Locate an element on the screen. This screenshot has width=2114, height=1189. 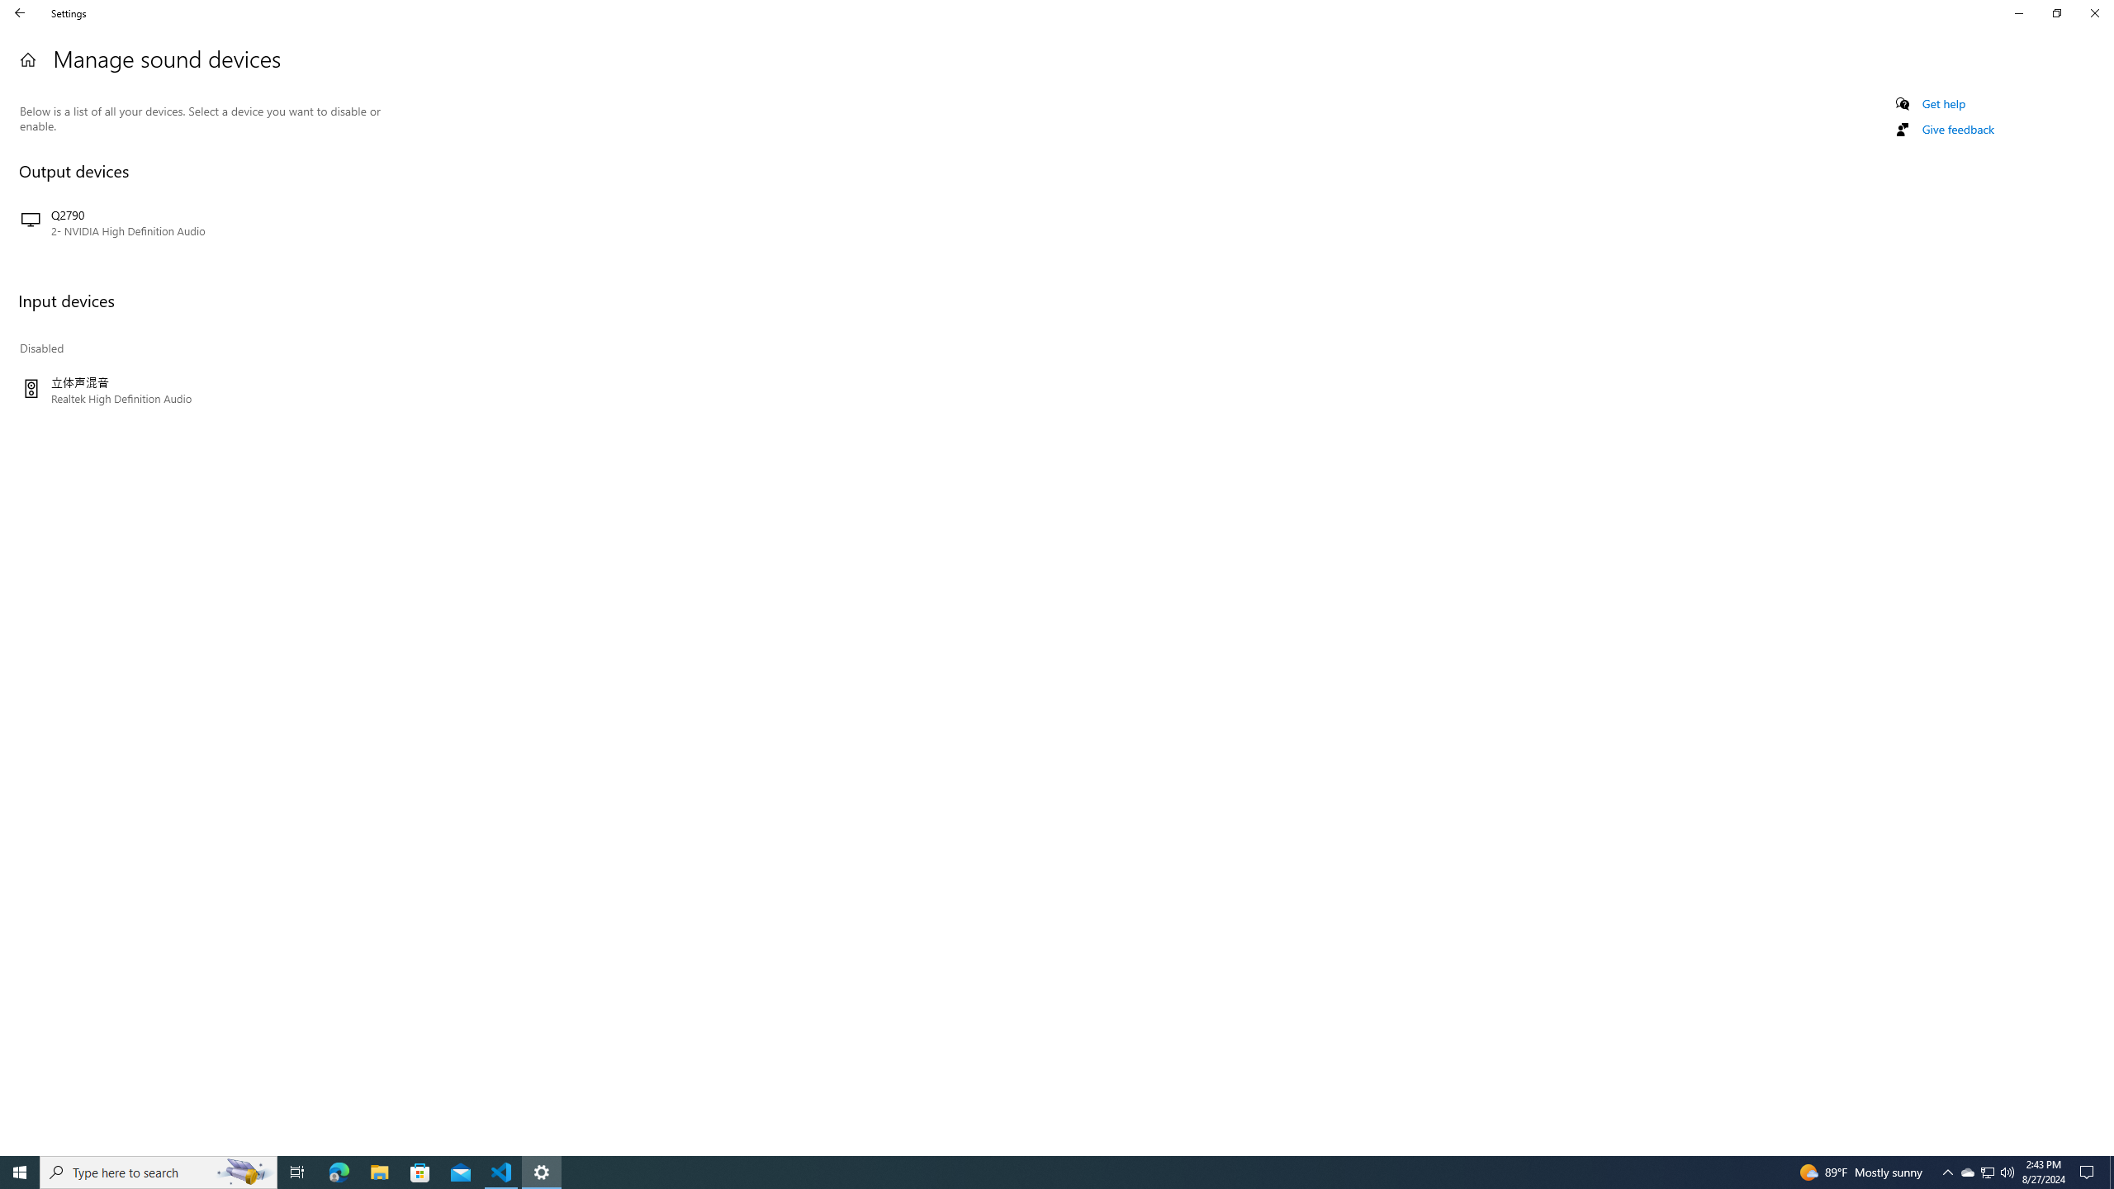
'Q2790 2- NVIDIA High Definition Audio' is located at coordinates (198, 222).